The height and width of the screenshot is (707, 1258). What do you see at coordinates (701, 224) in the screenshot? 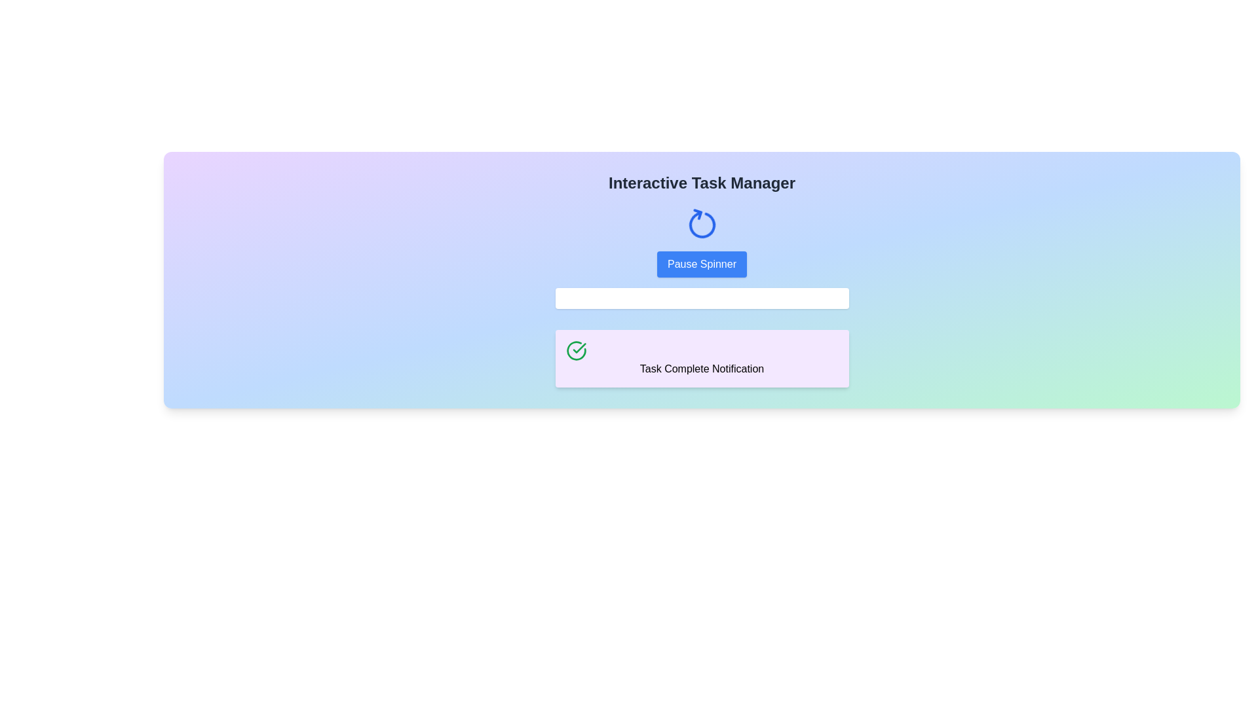
I see `the animated icon representing a clockwise rotation, which is styled in blue and located at the top-center of the interface for visual feedback` at bounding box center [701, 224].